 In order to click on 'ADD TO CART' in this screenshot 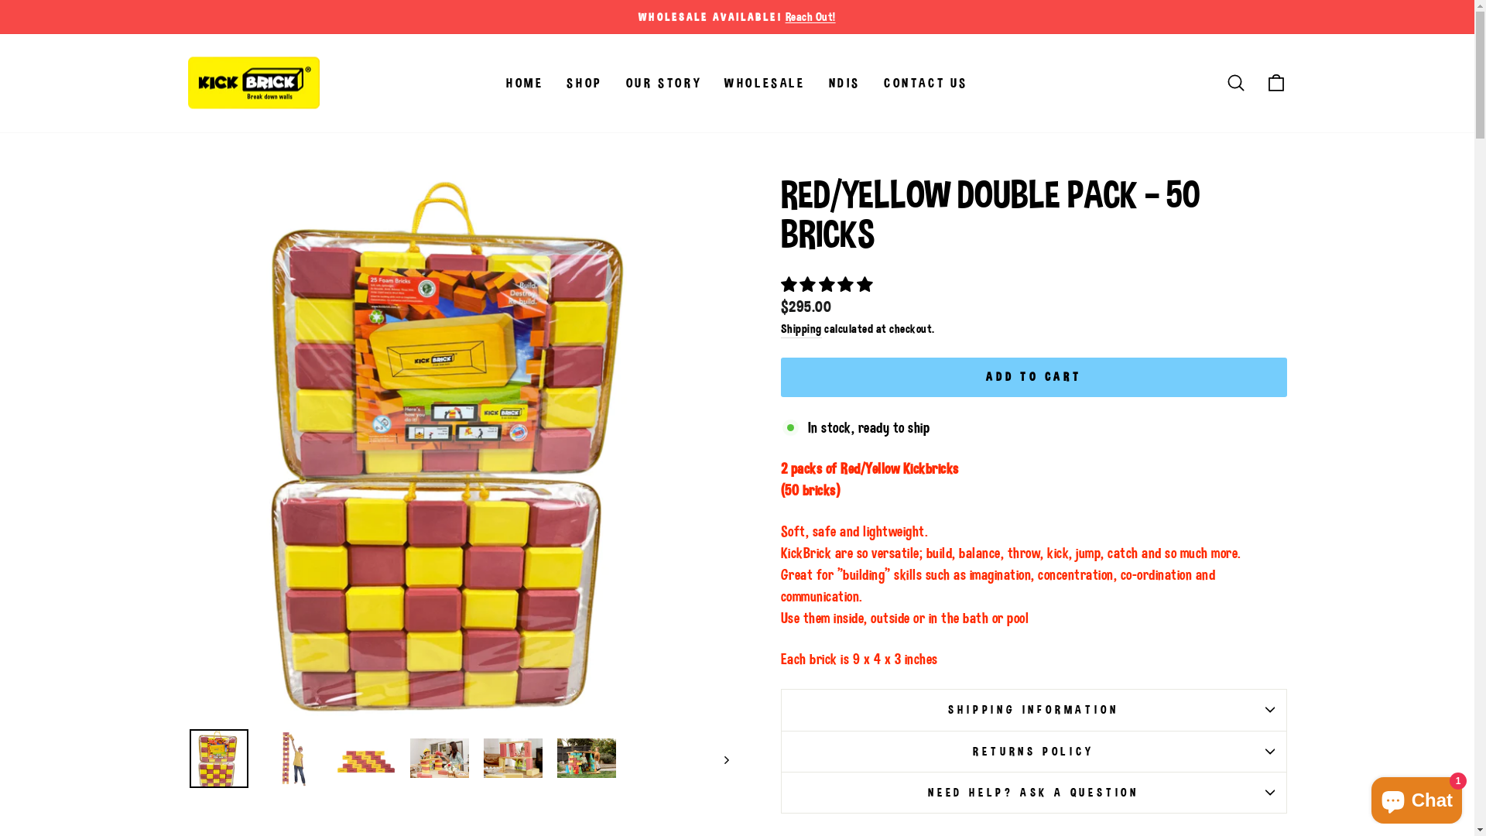, I will do `click(1007, 363)`.